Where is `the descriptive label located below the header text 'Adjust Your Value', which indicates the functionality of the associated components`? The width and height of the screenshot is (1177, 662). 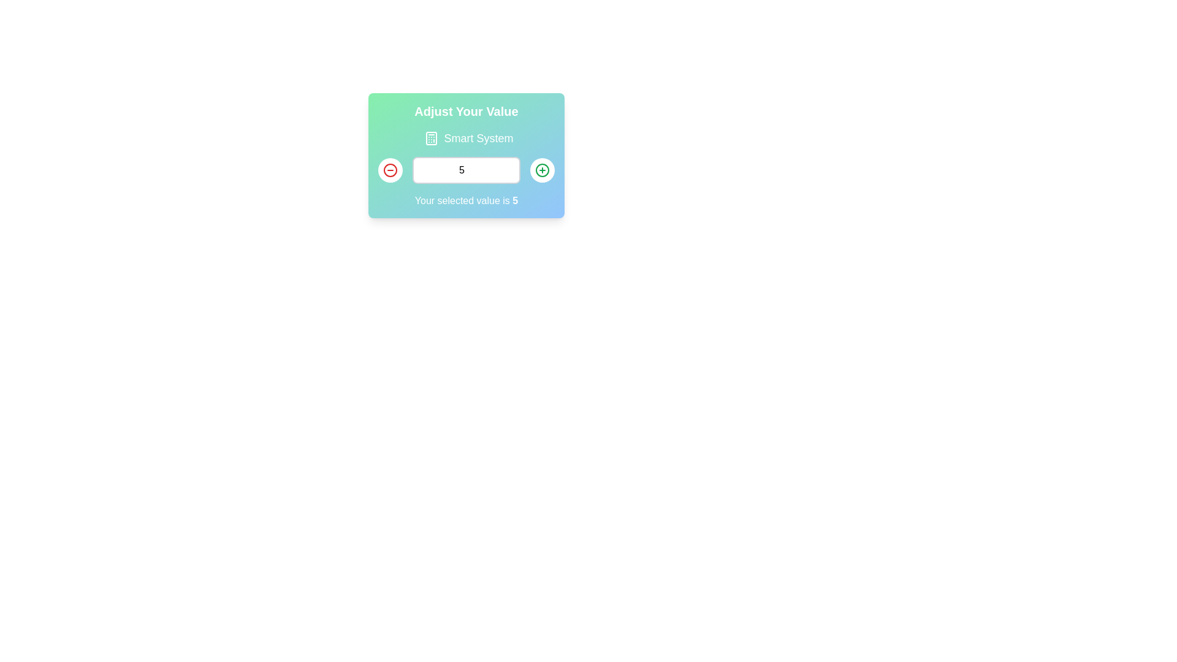
the descriptive label located below the header text 'Adjust Your Value', which indicates the functionality of the associated components is located at coordinates (466, 138).